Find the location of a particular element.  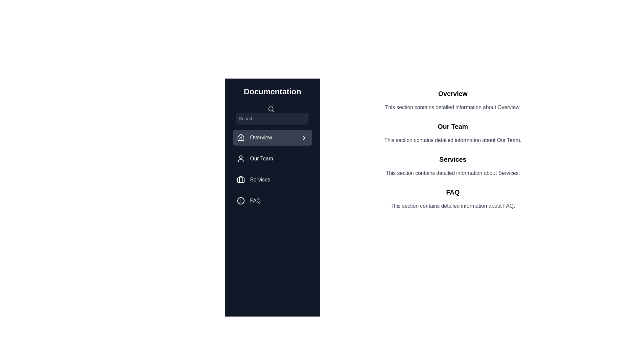

the static text label 'Overview', which is styled in white on a dark background and located in the top-left sidebar menu beneath the 'Documentation' title is located at coordinates (261, 137).